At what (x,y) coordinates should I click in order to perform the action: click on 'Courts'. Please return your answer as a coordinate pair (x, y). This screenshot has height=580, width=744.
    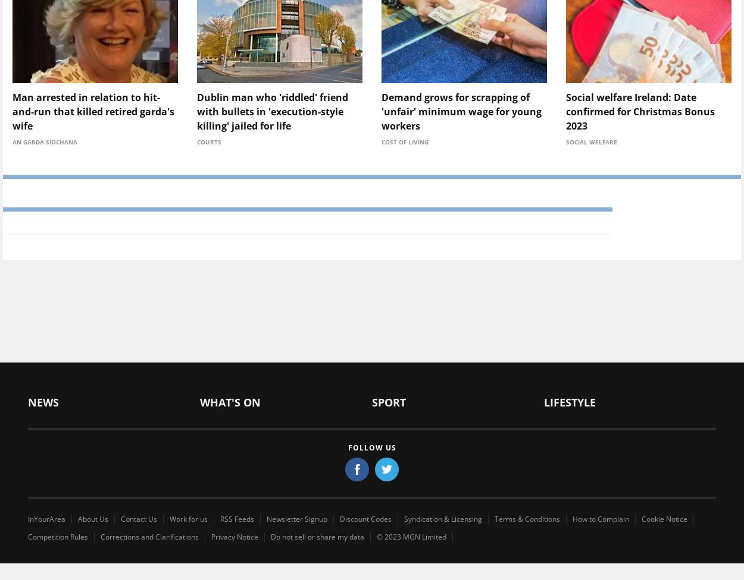
    Looking at the image, I should click on (196, 141).